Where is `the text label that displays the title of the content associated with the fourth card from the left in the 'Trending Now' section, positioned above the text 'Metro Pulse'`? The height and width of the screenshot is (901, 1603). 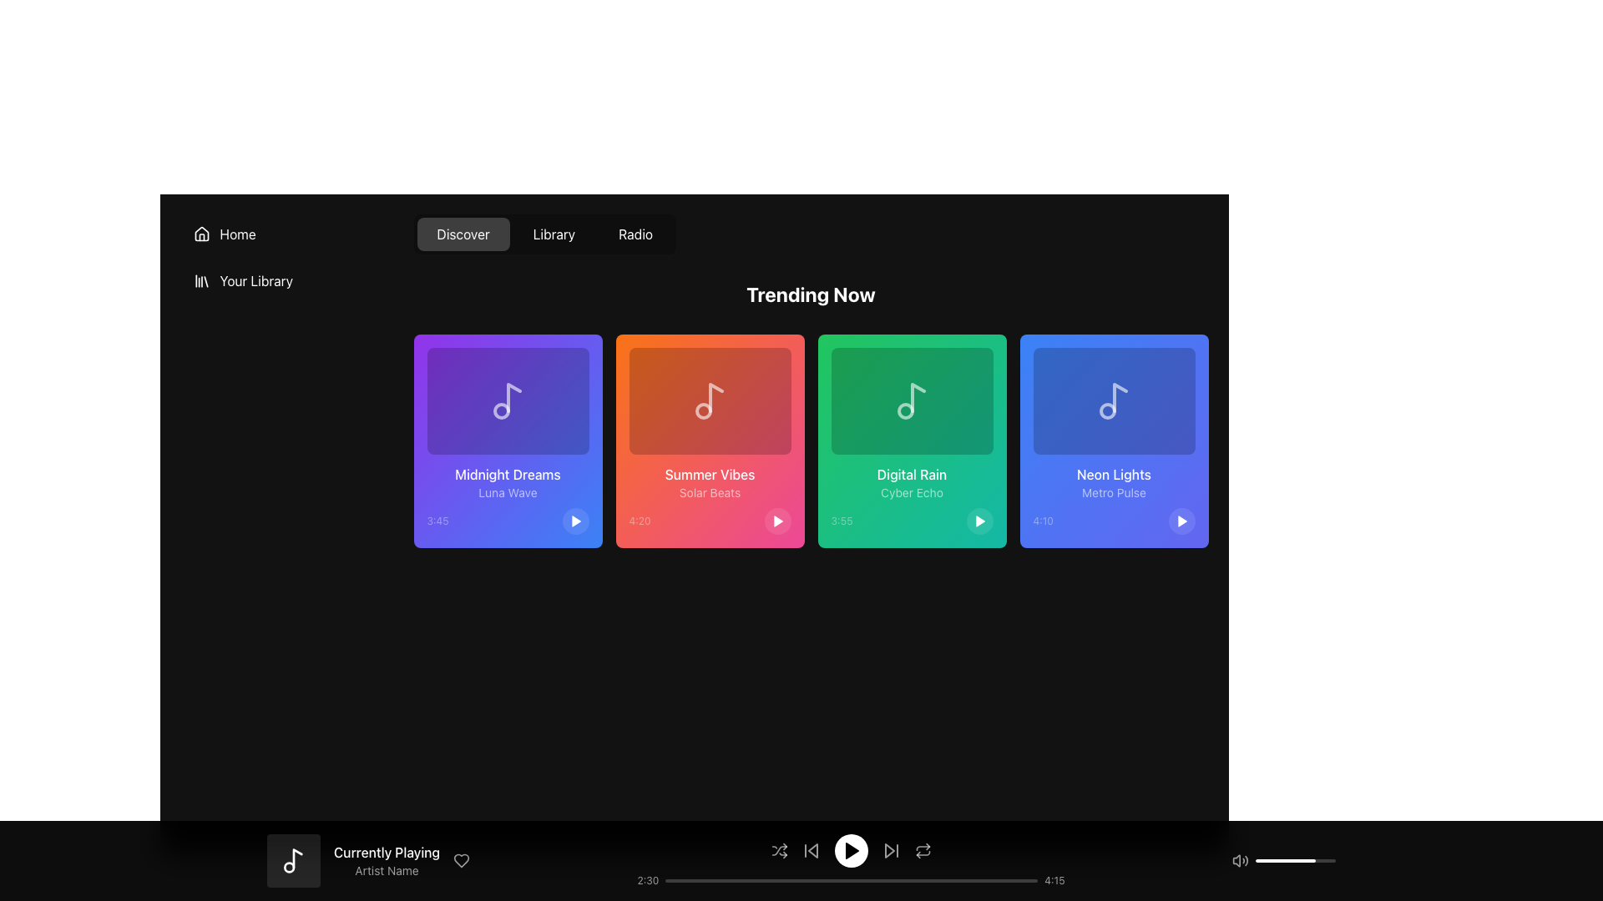 the text label that displays the title of the content associated with the fourth card from the left in the 'Trending Now' section, positioned above the text 'Metro Pulse' is located at coordinates (1114, 475).